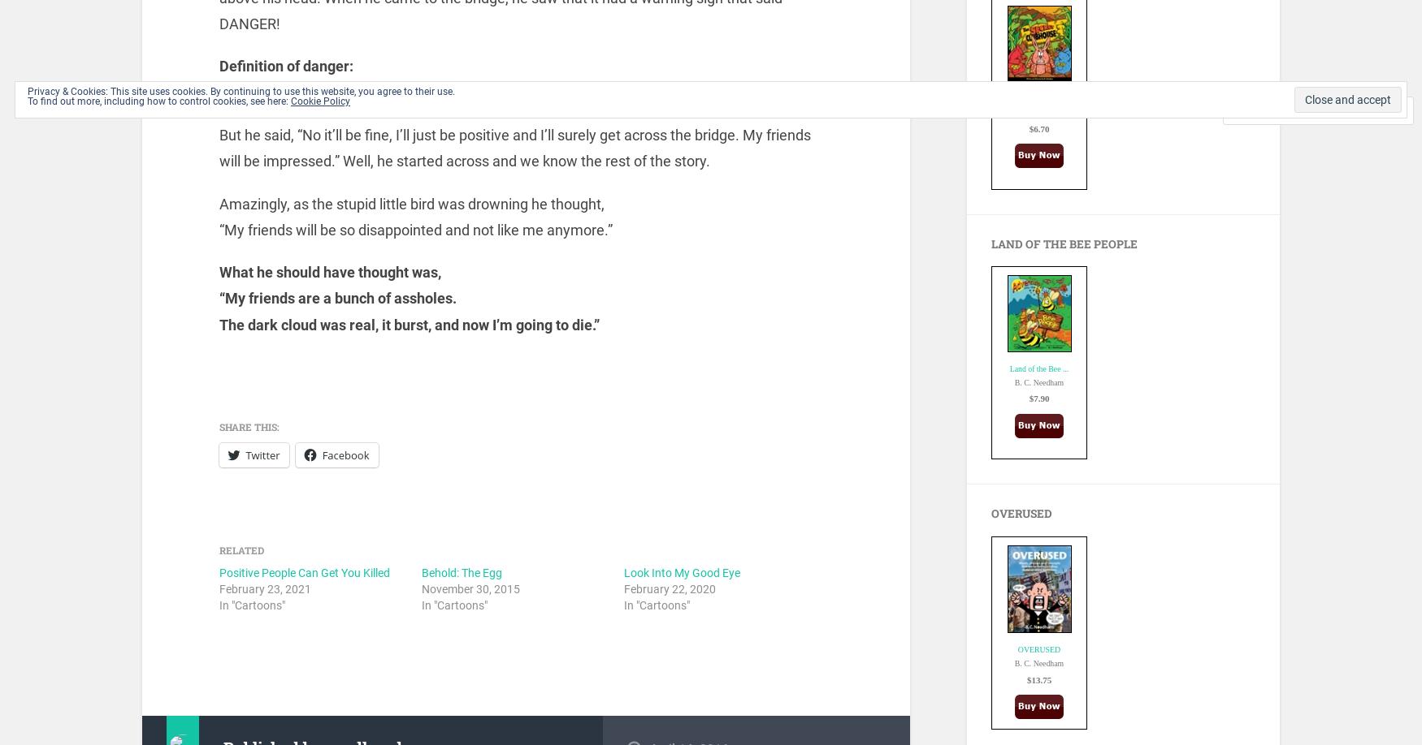 Image resolution: width=1422 pixels, height=745 pixels. Describe the element at coordinates (345, 454) in the screenshot. I see `'Facebook'` at that location.